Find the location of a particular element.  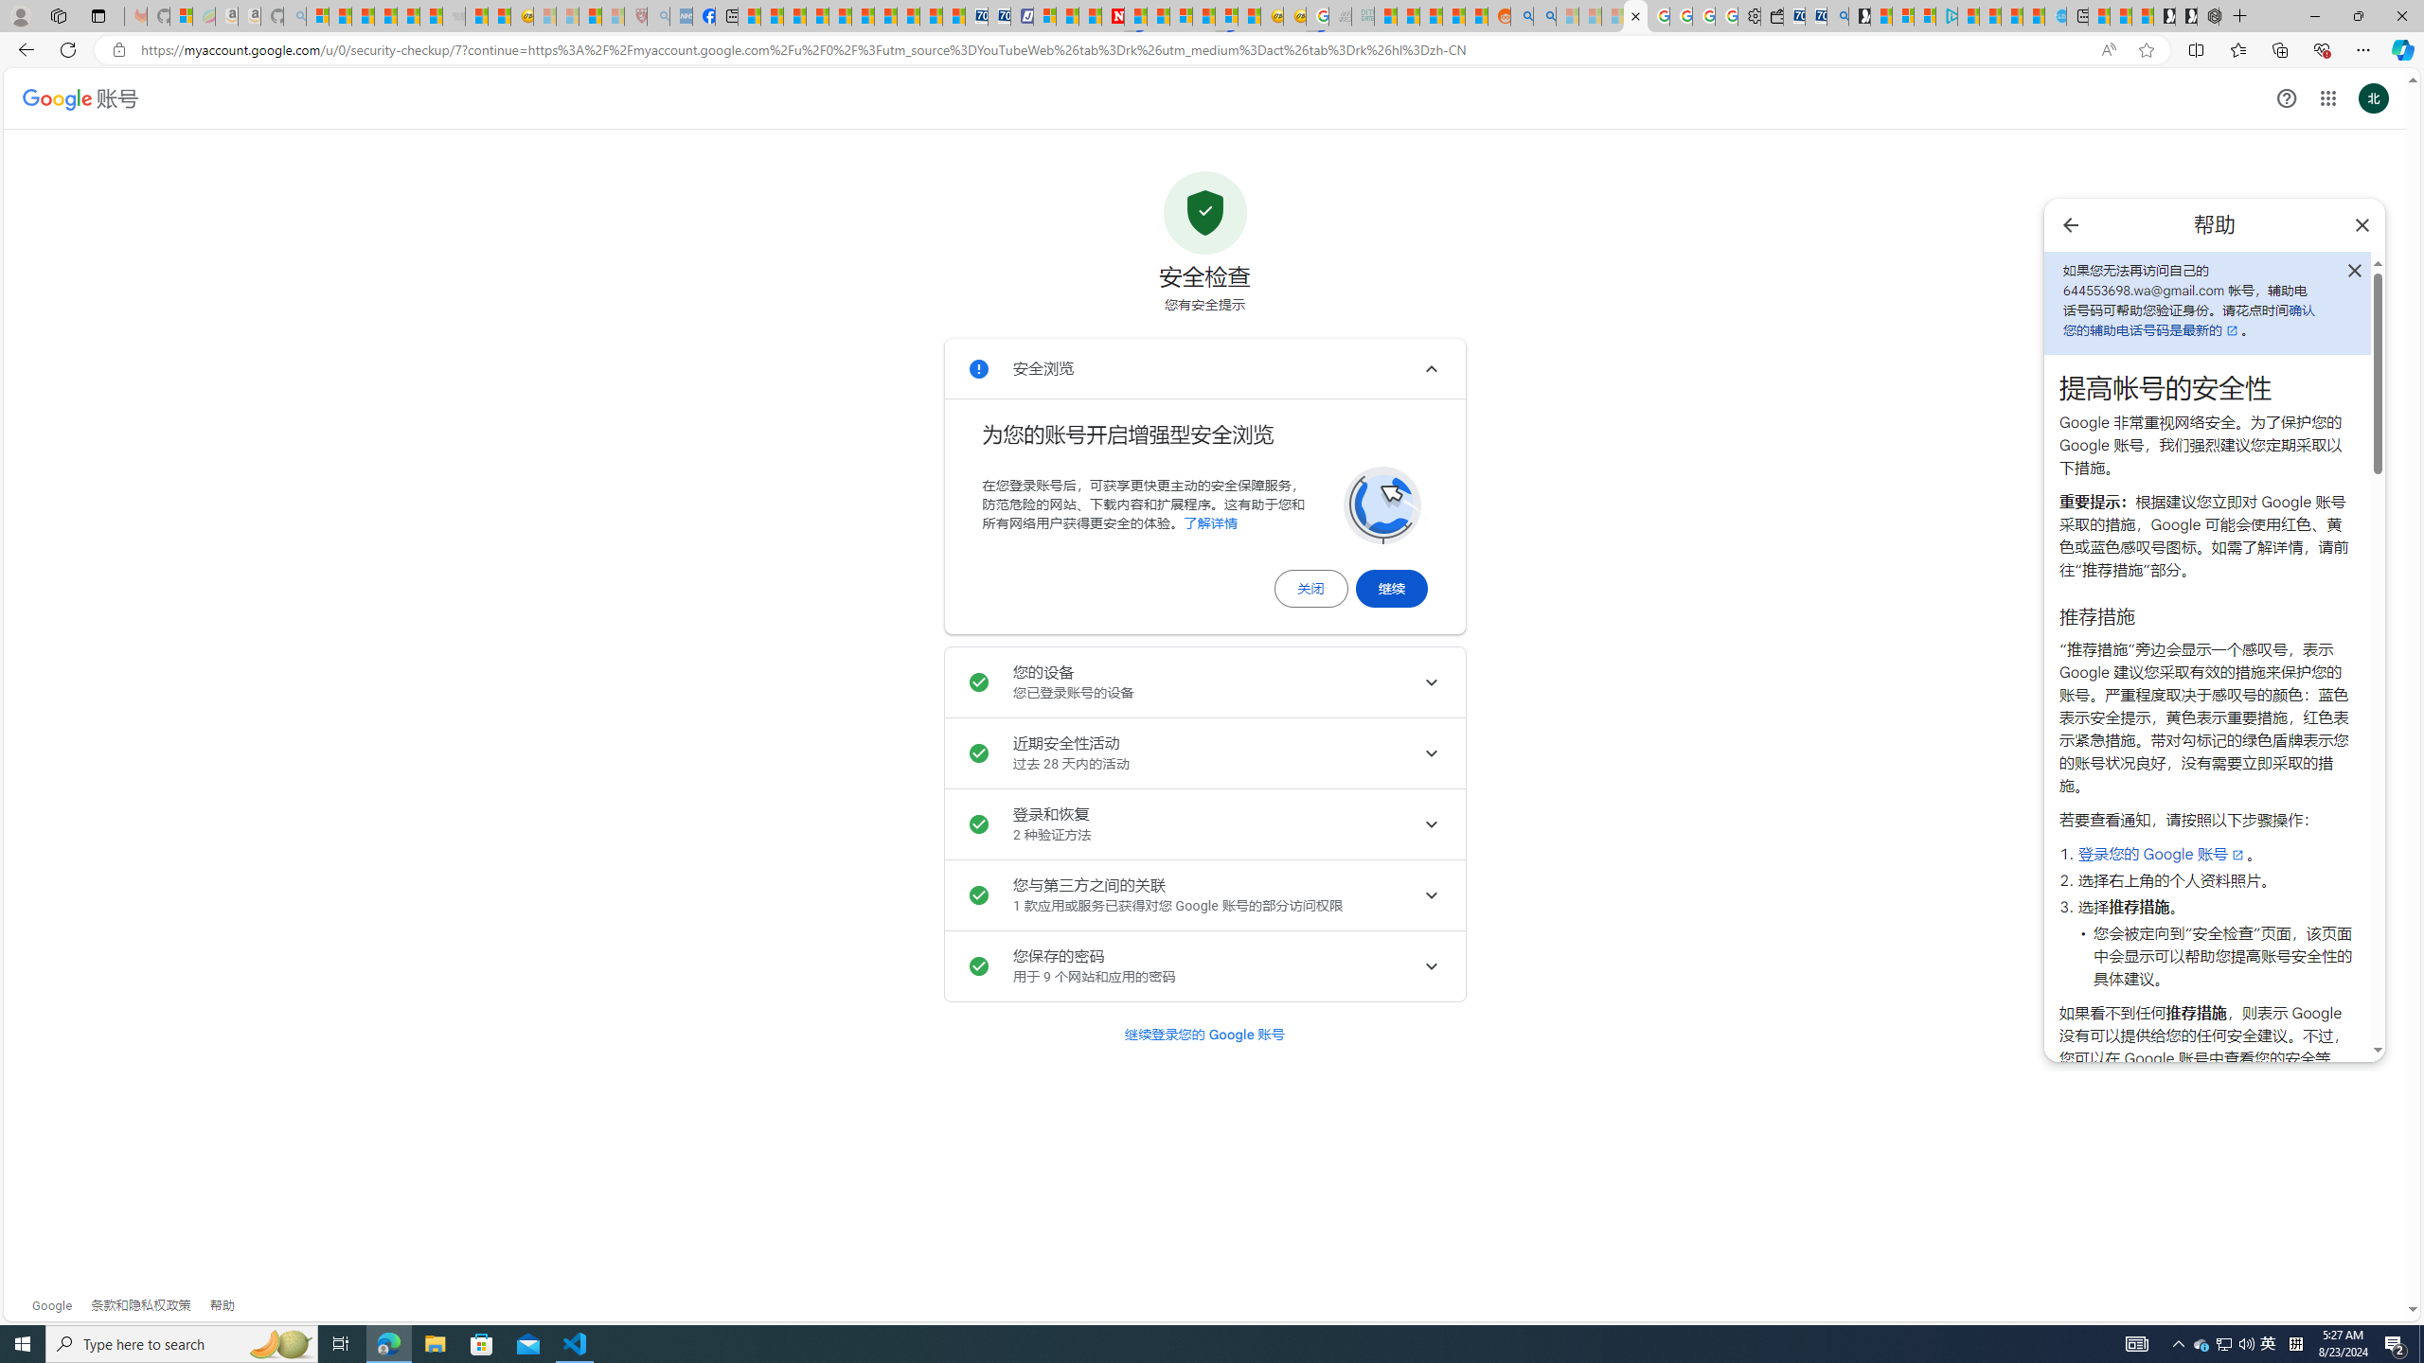

'Newsweek - News, Analysis, Politics, Business, Technology' is located at coordinates (1112, 15).